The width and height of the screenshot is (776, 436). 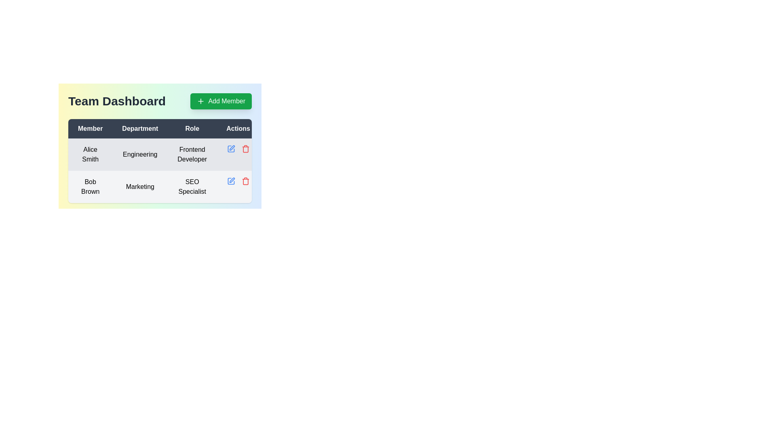 What do you see at coordinates (140, 128) in the screenshot?
I see `the 'Department' header label in the table, which is positioned between the 'Member' and 'Role' headers` at bounding box center [140, 128].